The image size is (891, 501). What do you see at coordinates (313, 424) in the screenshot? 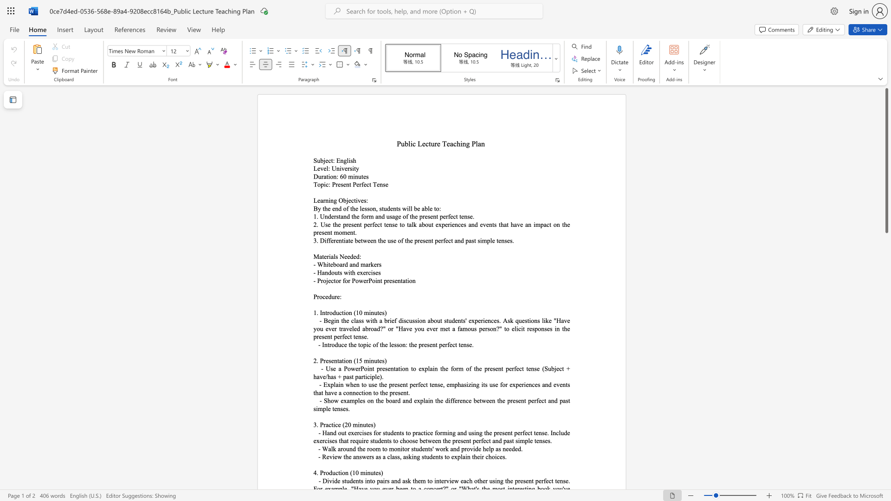
I see `the subset text "3. Practice (20 mi" within the text "3. Practice (20 minutes)"` at bounding box center [313, 424].